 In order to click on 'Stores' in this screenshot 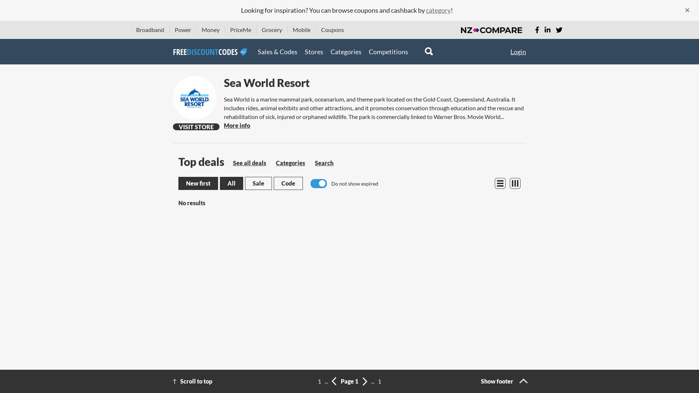, I will do `click(314, 51)`.